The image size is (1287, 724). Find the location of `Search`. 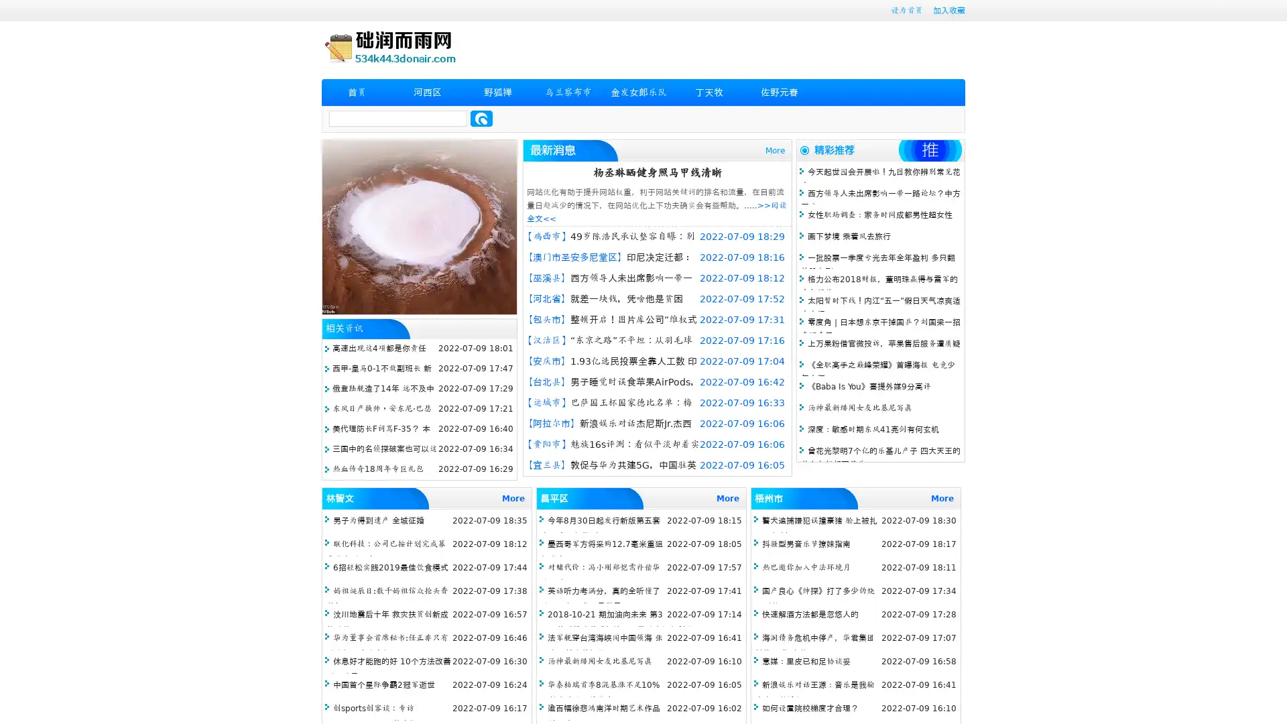

Search is located at coordinates (481, 118).